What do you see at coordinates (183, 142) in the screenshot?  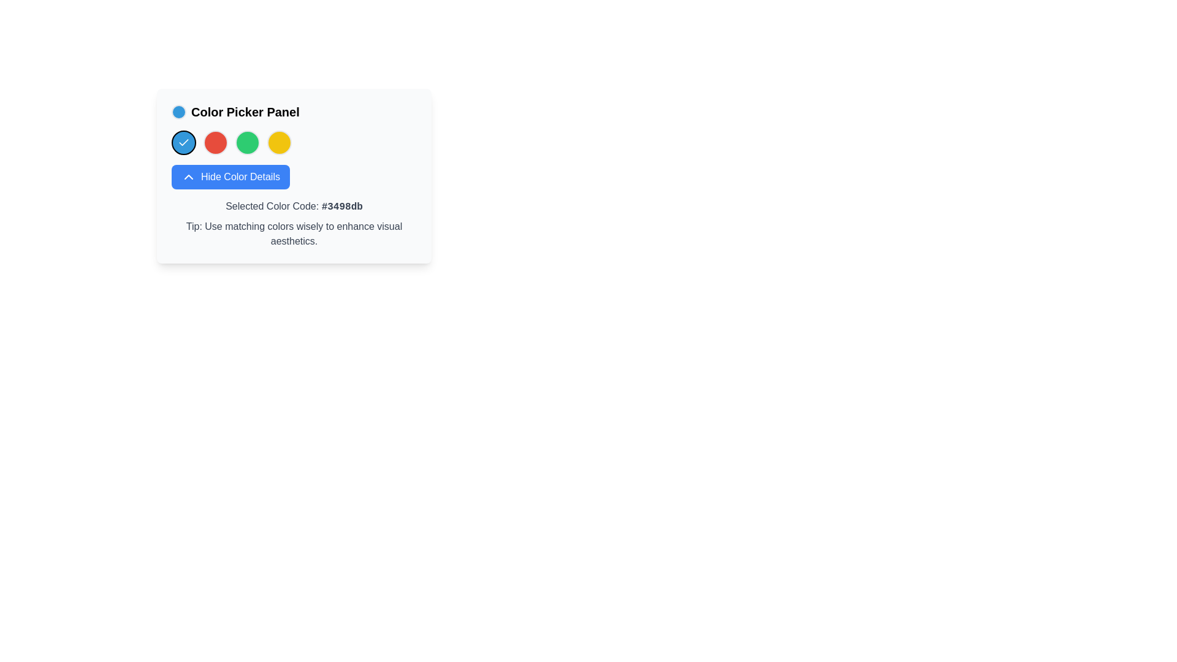 I see `the checkmark icon with a vibrant blue background and a white checkmark, which is part of the Color Picker Panel` at bounding box center [183, 142].